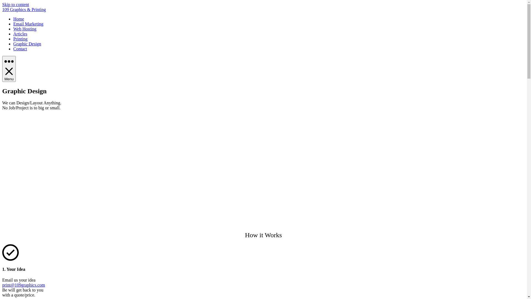  I want to click on 'Menu', so click(9, 69).